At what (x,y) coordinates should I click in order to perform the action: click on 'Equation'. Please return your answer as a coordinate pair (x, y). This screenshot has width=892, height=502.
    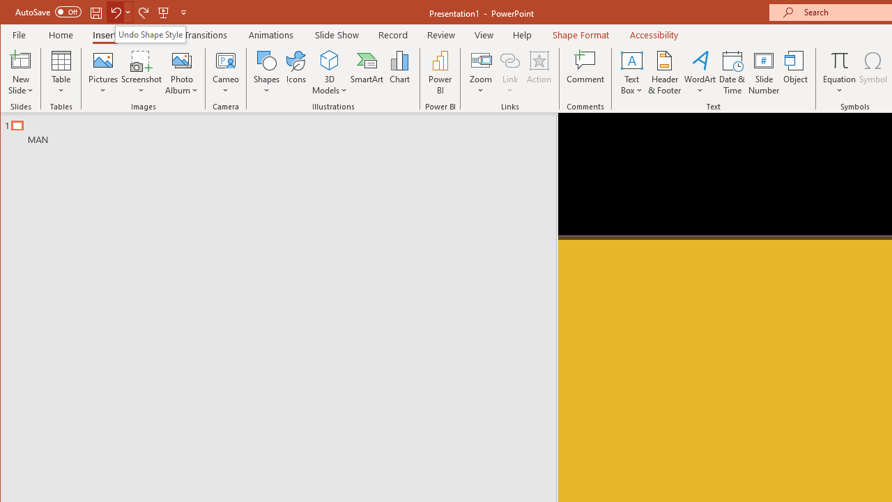
    Looking at the image, I should click on (839, 73).